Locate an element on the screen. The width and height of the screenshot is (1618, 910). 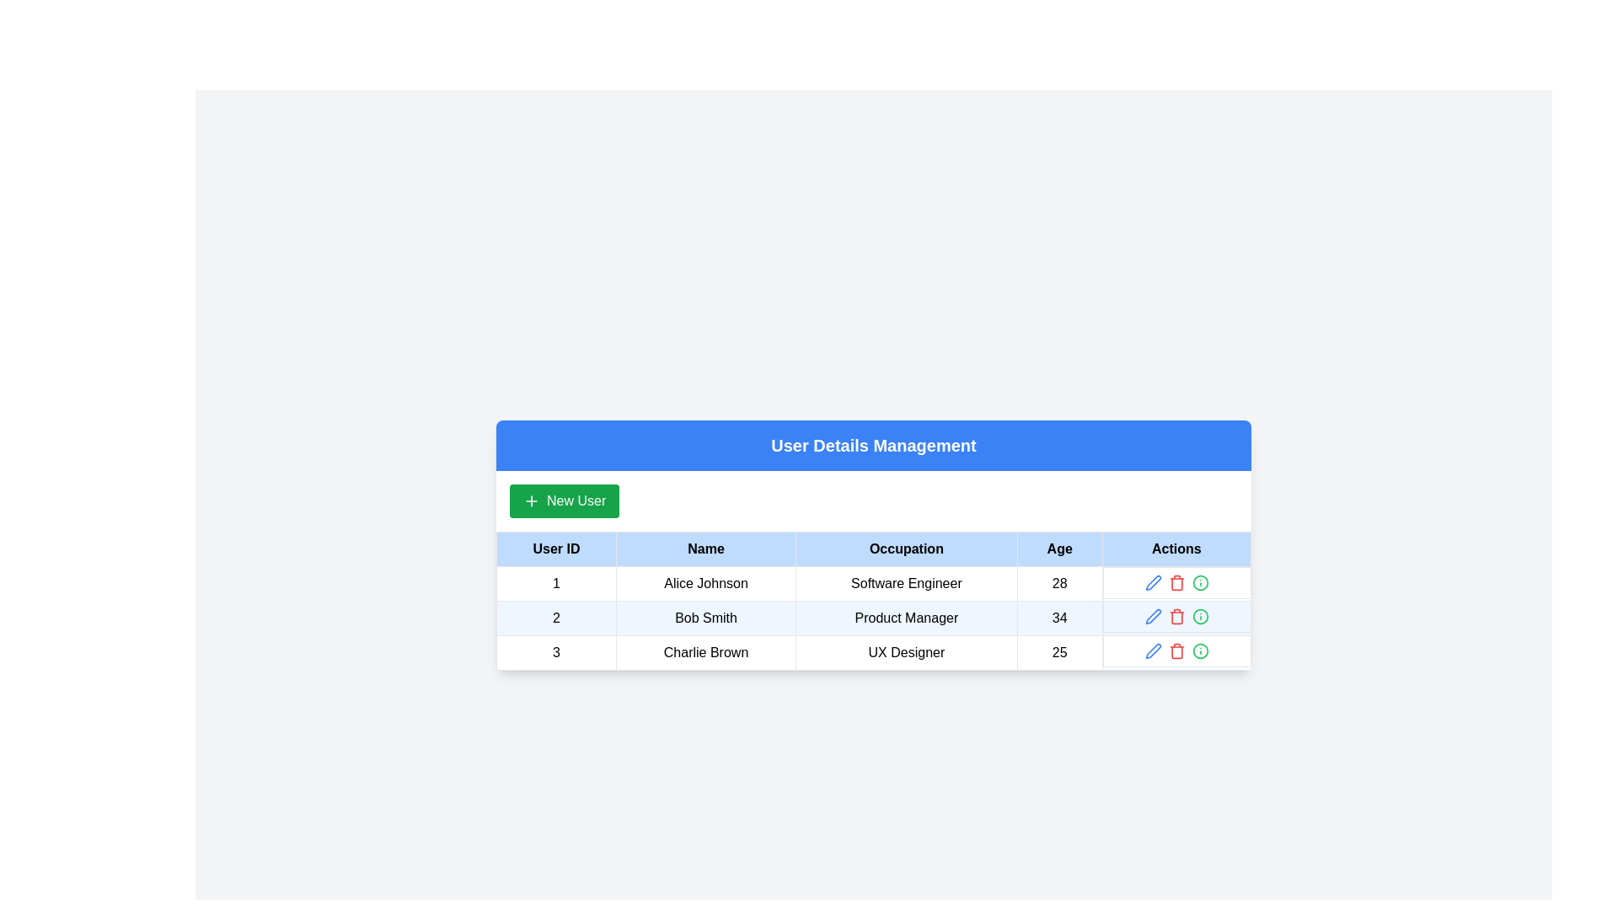
the edit action button icon located is located at coordinates (1152, 617).